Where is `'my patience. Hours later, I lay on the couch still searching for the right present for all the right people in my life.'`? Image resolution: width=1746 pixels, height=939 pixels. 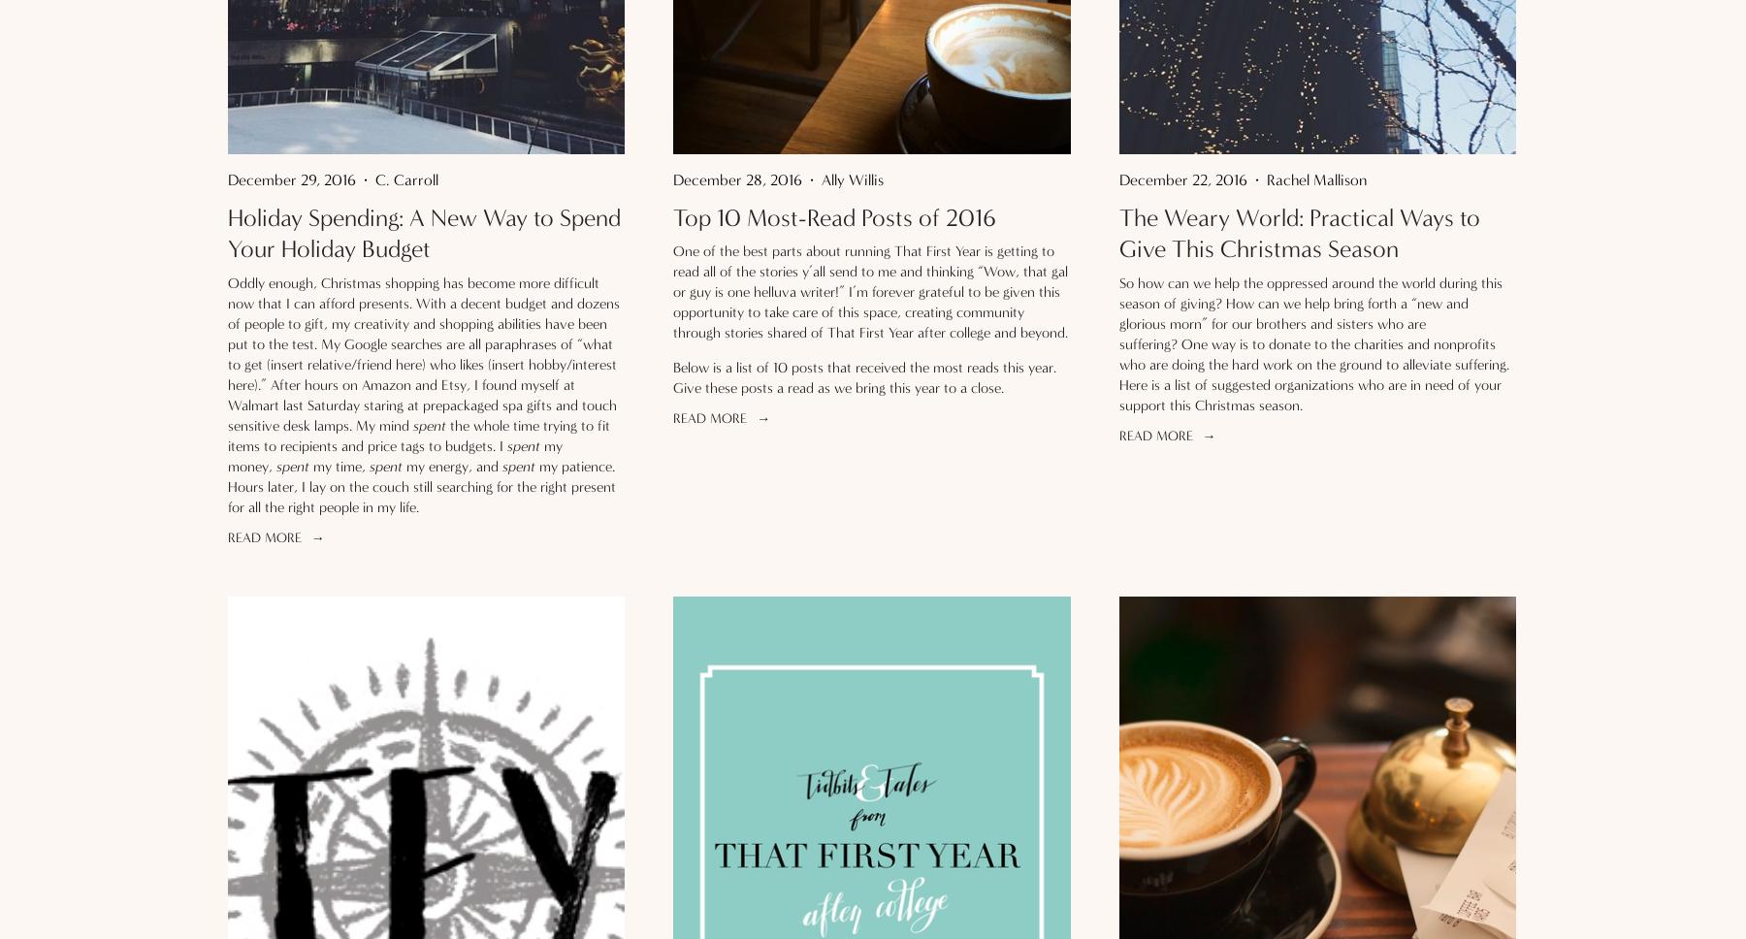
'my patience. Hours later, I lay on the couch still searching for the right present for all the right people in my life.' is located at coordinates (227, 486).